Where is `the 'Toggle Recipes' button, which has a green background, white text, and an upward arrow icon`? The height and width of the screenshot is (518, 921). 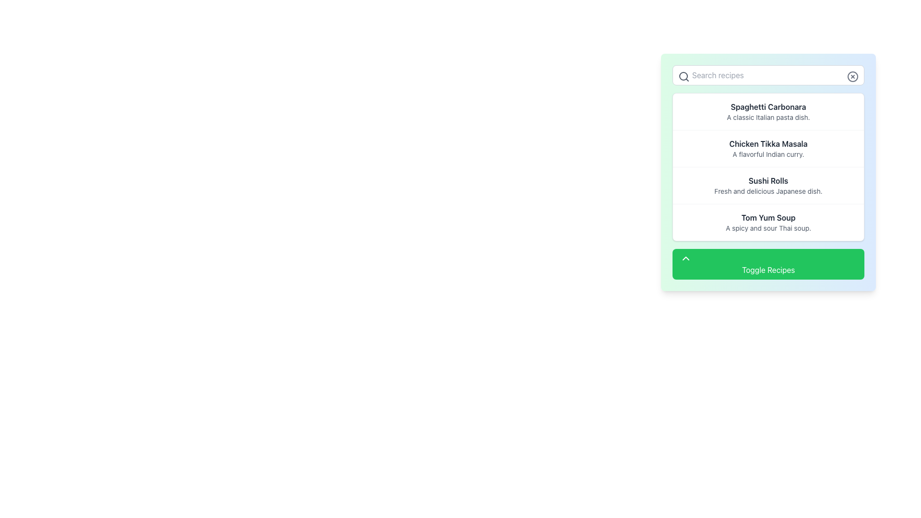 the 'Toggle Recipes' button, which has a green background, white text, and an upward arrow icon is located at coordinates (768, 264).